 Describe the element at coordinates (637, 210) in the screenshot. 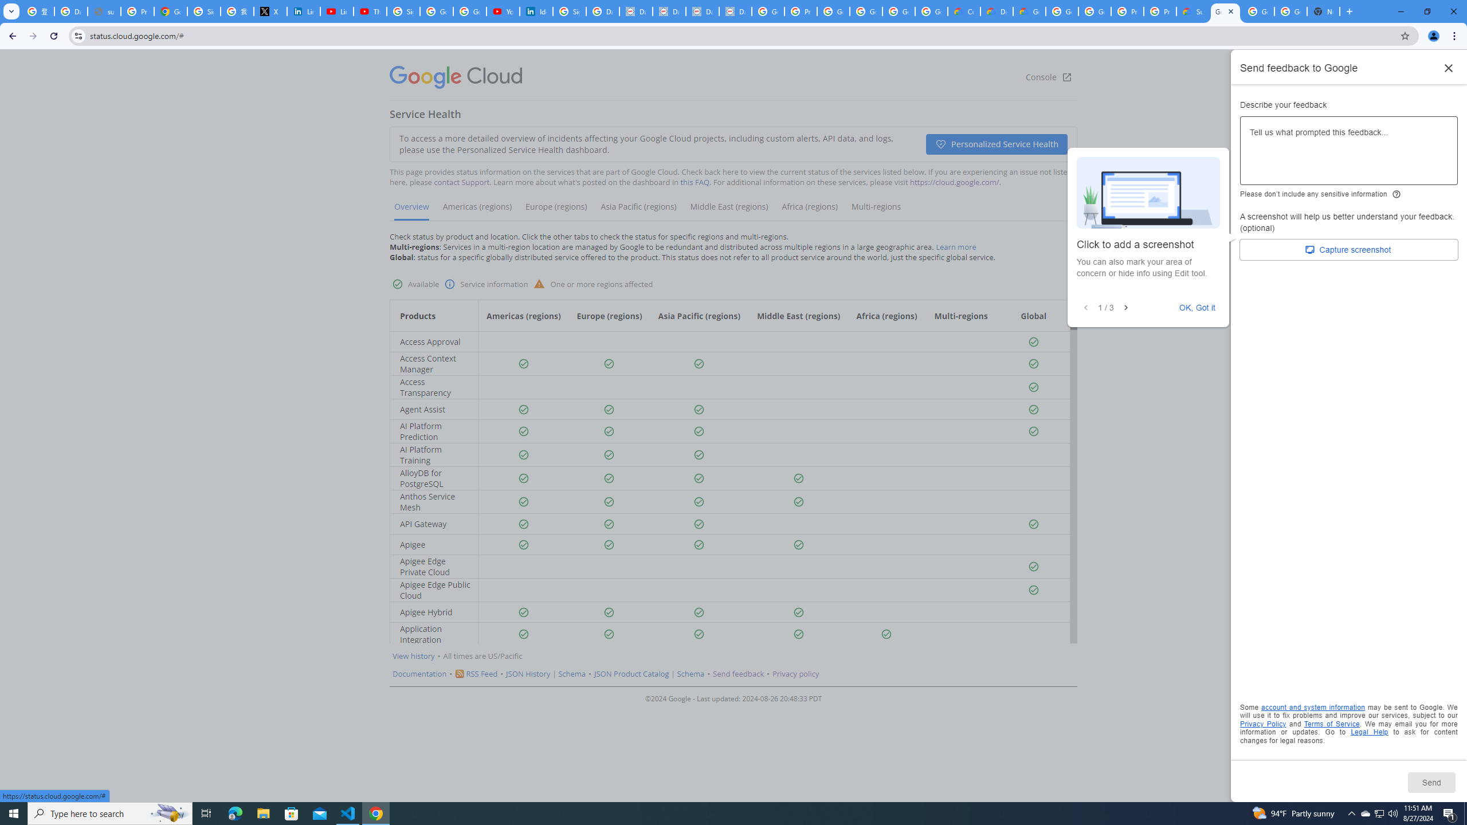

I see `'Asia Pacific (regions)'` at that location.